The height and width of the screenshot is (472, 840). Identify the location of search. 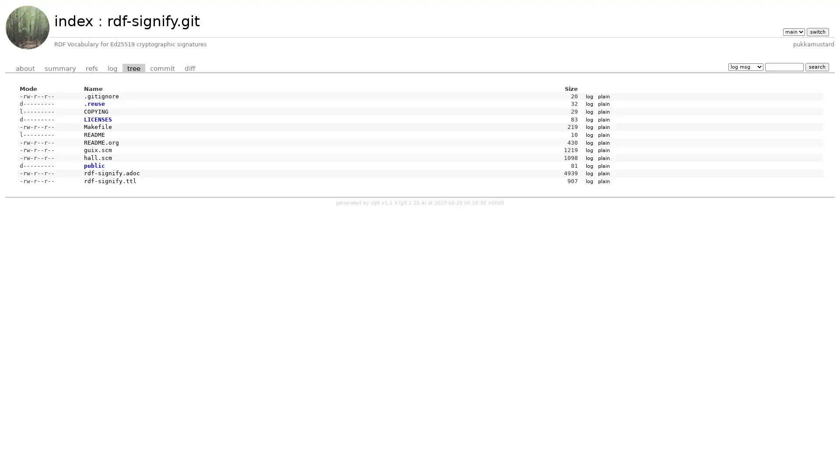
(816, 66).